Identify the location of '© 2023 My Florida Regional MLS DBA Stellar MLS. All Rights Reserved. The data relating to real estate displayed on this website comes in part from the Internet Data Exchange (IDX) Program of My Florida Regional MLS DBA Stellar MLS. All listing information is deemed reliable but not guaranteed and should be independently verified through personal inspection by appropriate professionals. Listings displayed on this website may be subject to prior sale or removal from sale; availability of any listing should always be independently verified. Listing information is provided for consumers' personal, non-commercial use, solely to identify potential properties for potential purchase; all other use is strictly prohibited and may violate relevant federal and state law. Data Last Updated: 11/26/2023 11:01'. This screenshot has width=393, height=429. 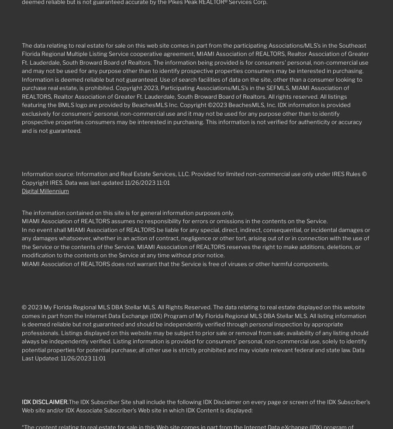
(195, 332).